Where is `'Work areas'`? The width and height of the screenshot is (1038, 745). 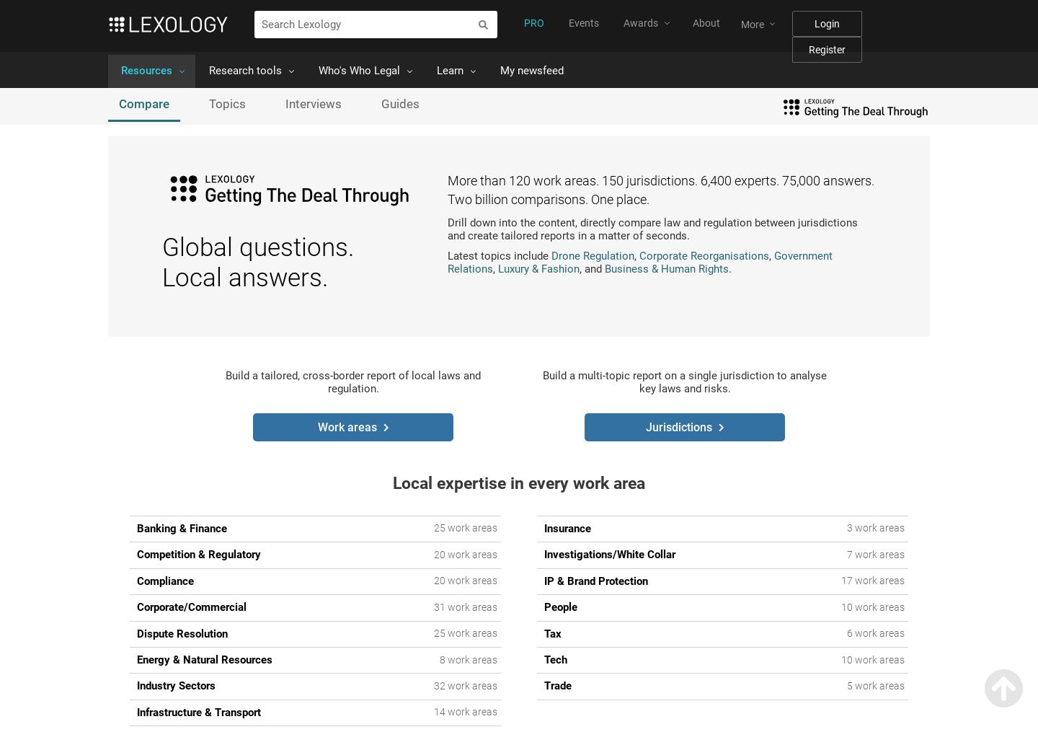
'Work areas' is located at coordinates (347, 426).